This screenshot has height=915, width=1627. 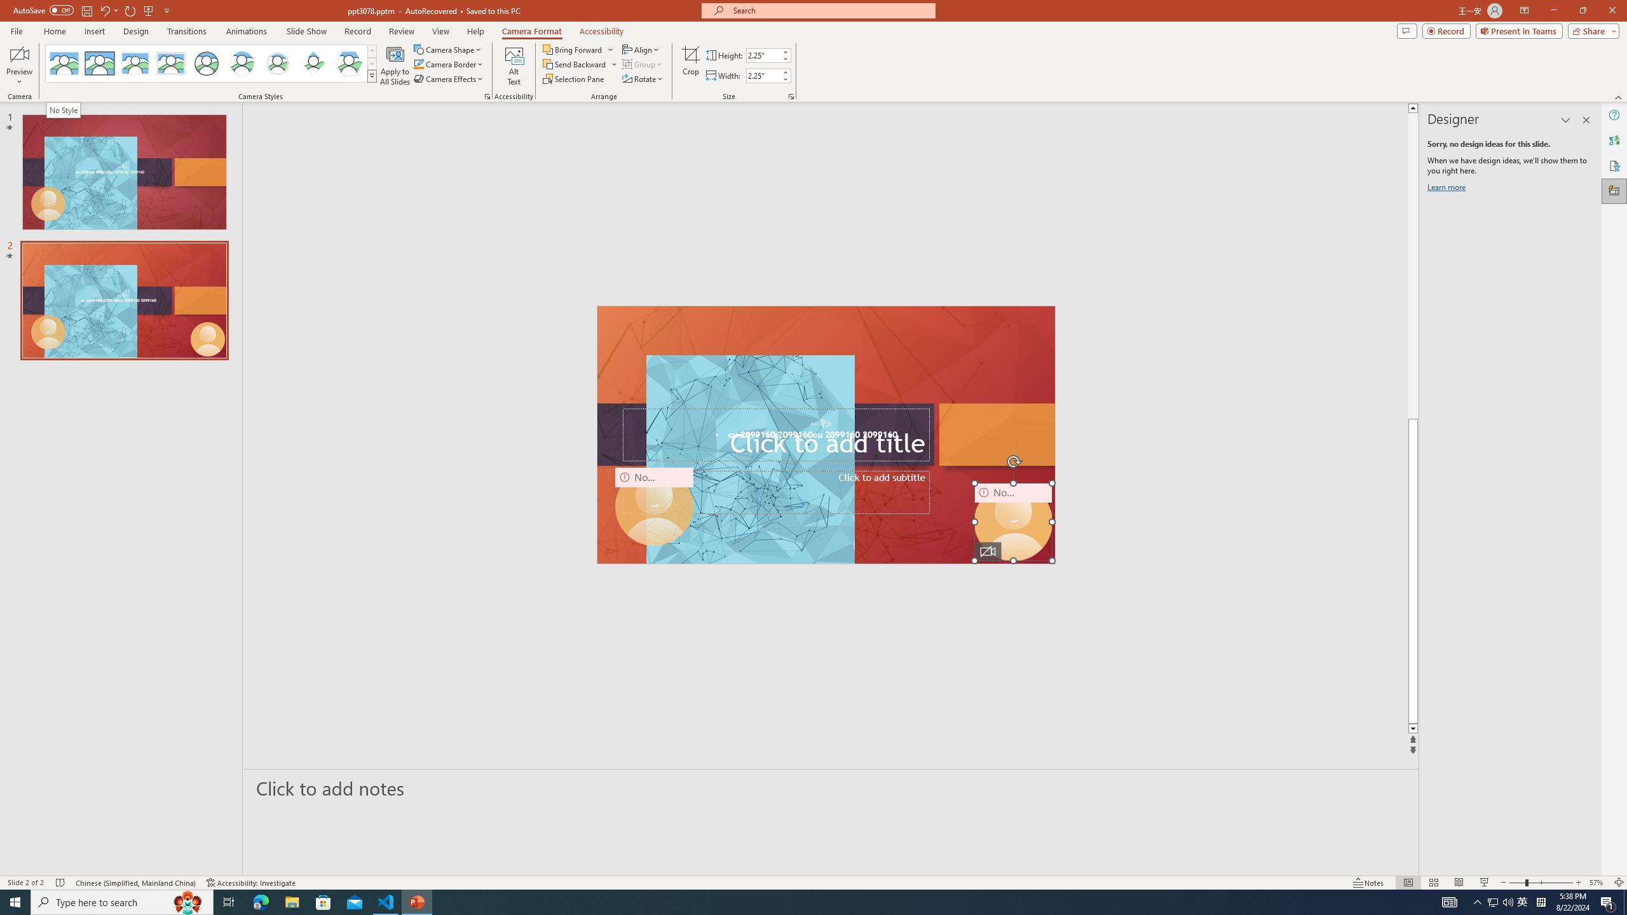 I want to click on 'Soft Edge Rectangle', so click(x=170, y=63).